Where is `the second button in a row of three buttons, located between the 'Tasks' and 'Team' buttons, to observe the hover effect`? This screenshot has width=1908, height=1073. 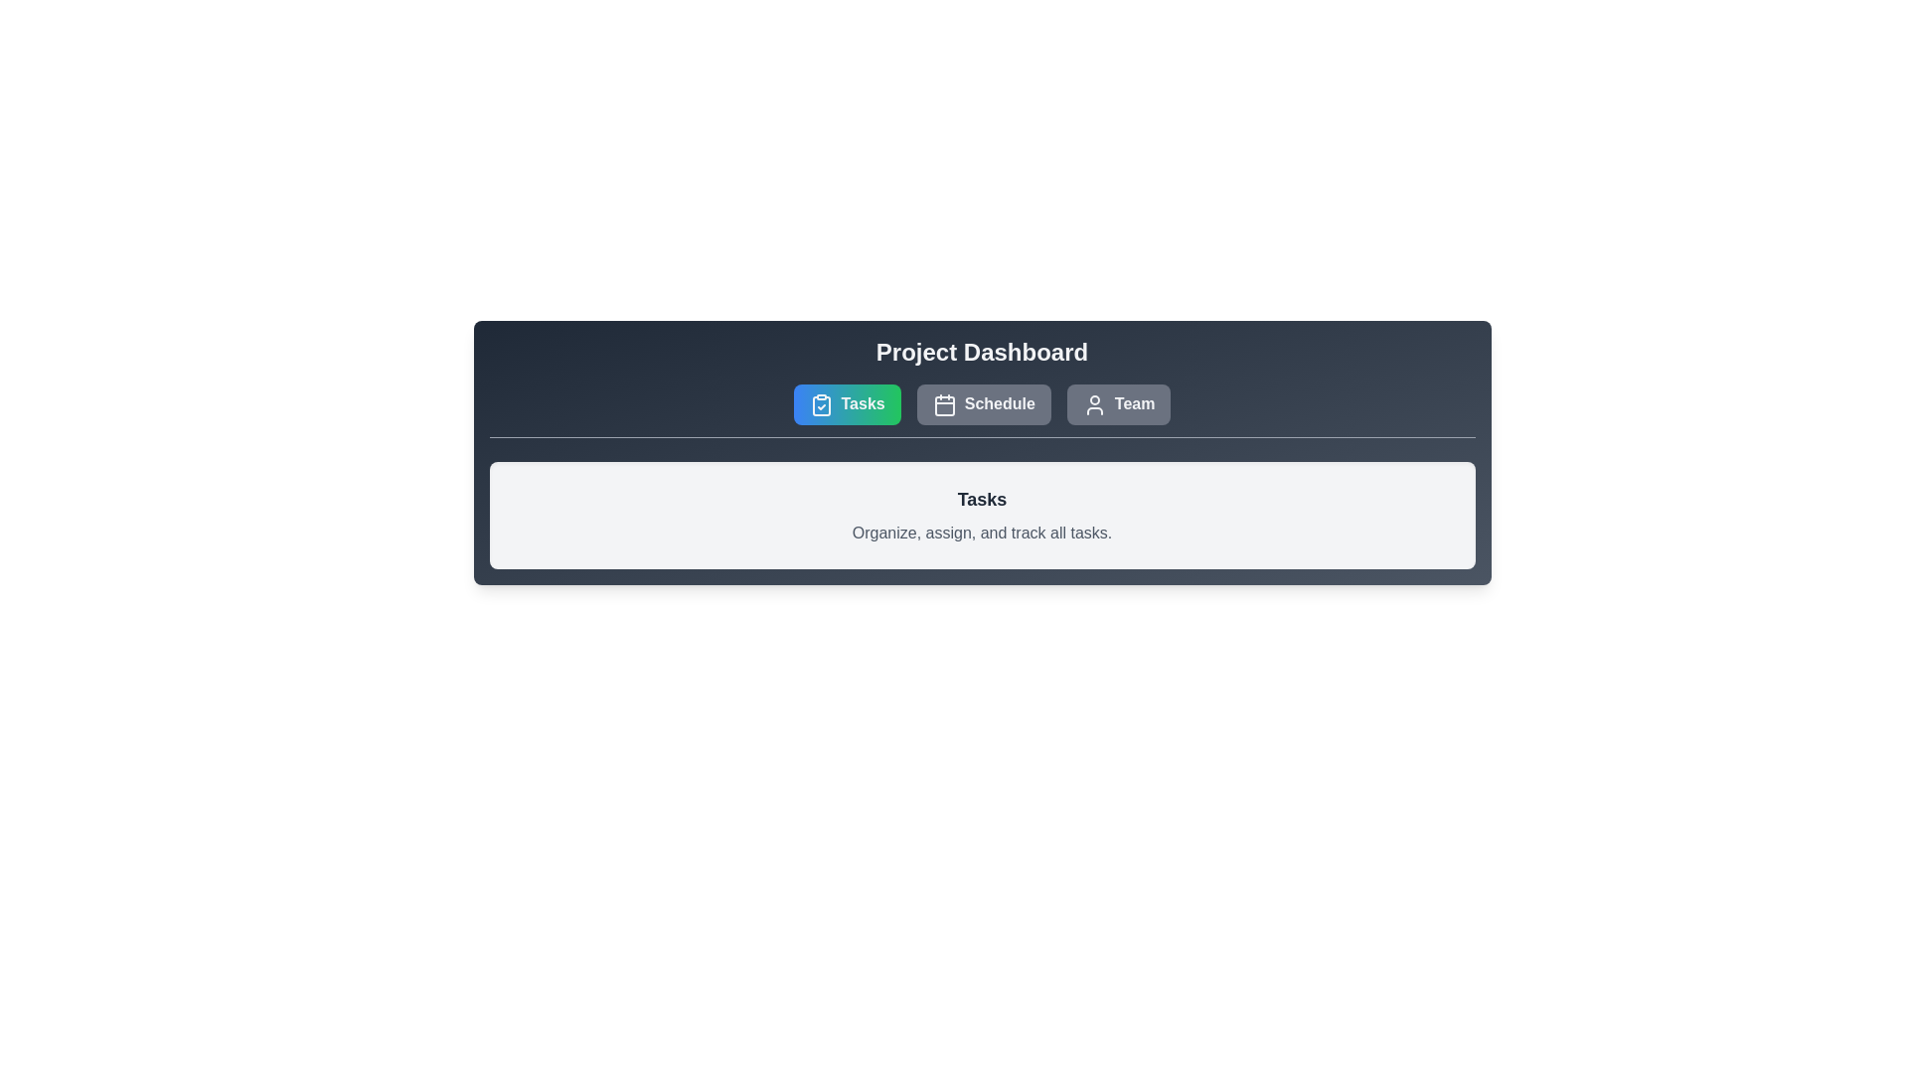
the second button in a row of three buttons, located between the 'Tasks' and 'Team' buttons, to observe the hover effect is located at coordinates (984, 403).